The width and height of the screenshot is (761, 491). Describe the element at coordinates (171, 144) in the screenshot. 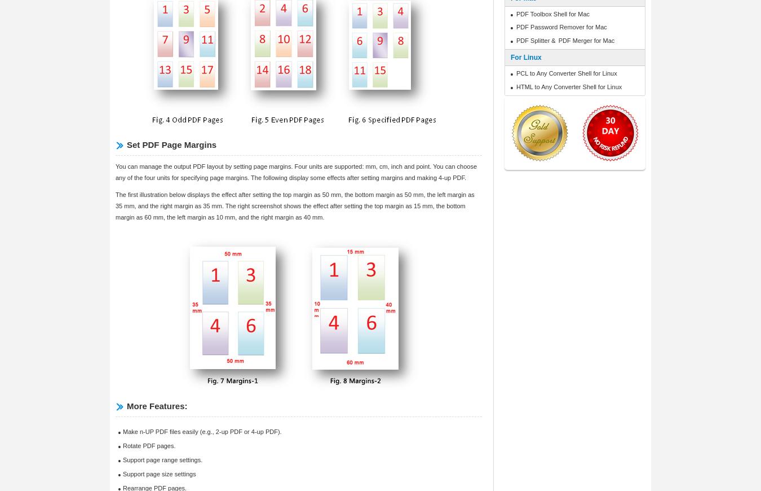

I see `'Set PDF Page Margins'` at that location.